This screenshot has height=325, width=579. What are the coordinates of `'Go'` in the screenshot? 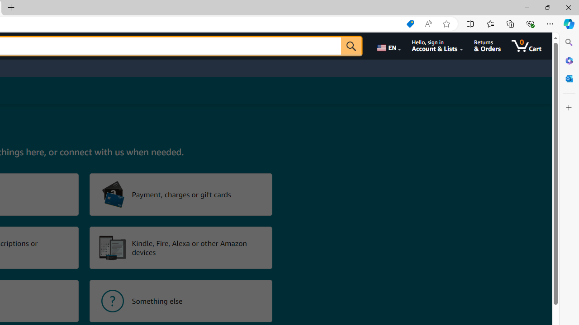 It's located at (351, 46).